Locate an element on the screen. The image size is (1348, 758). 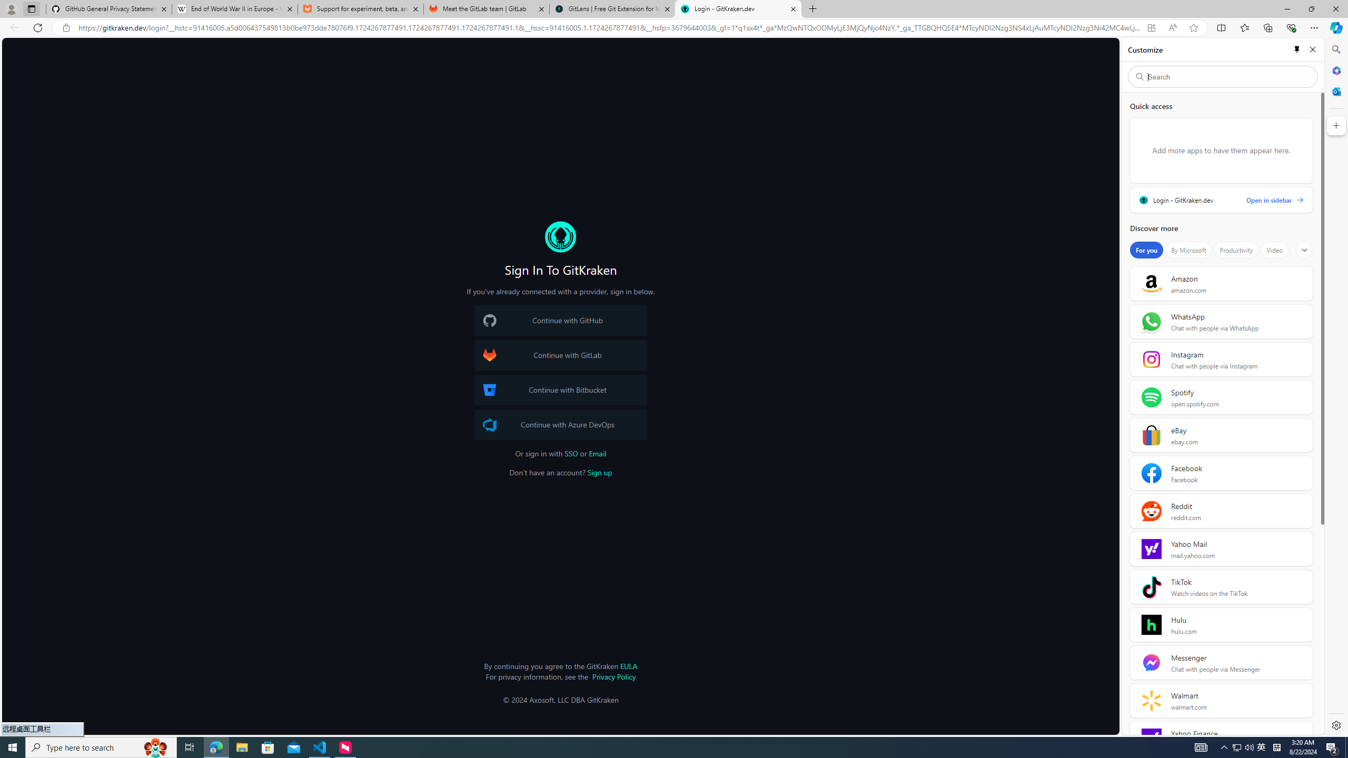
'GitLens | Free Git Extension for Visual Studio Code' is located at coordinates (611, 8).